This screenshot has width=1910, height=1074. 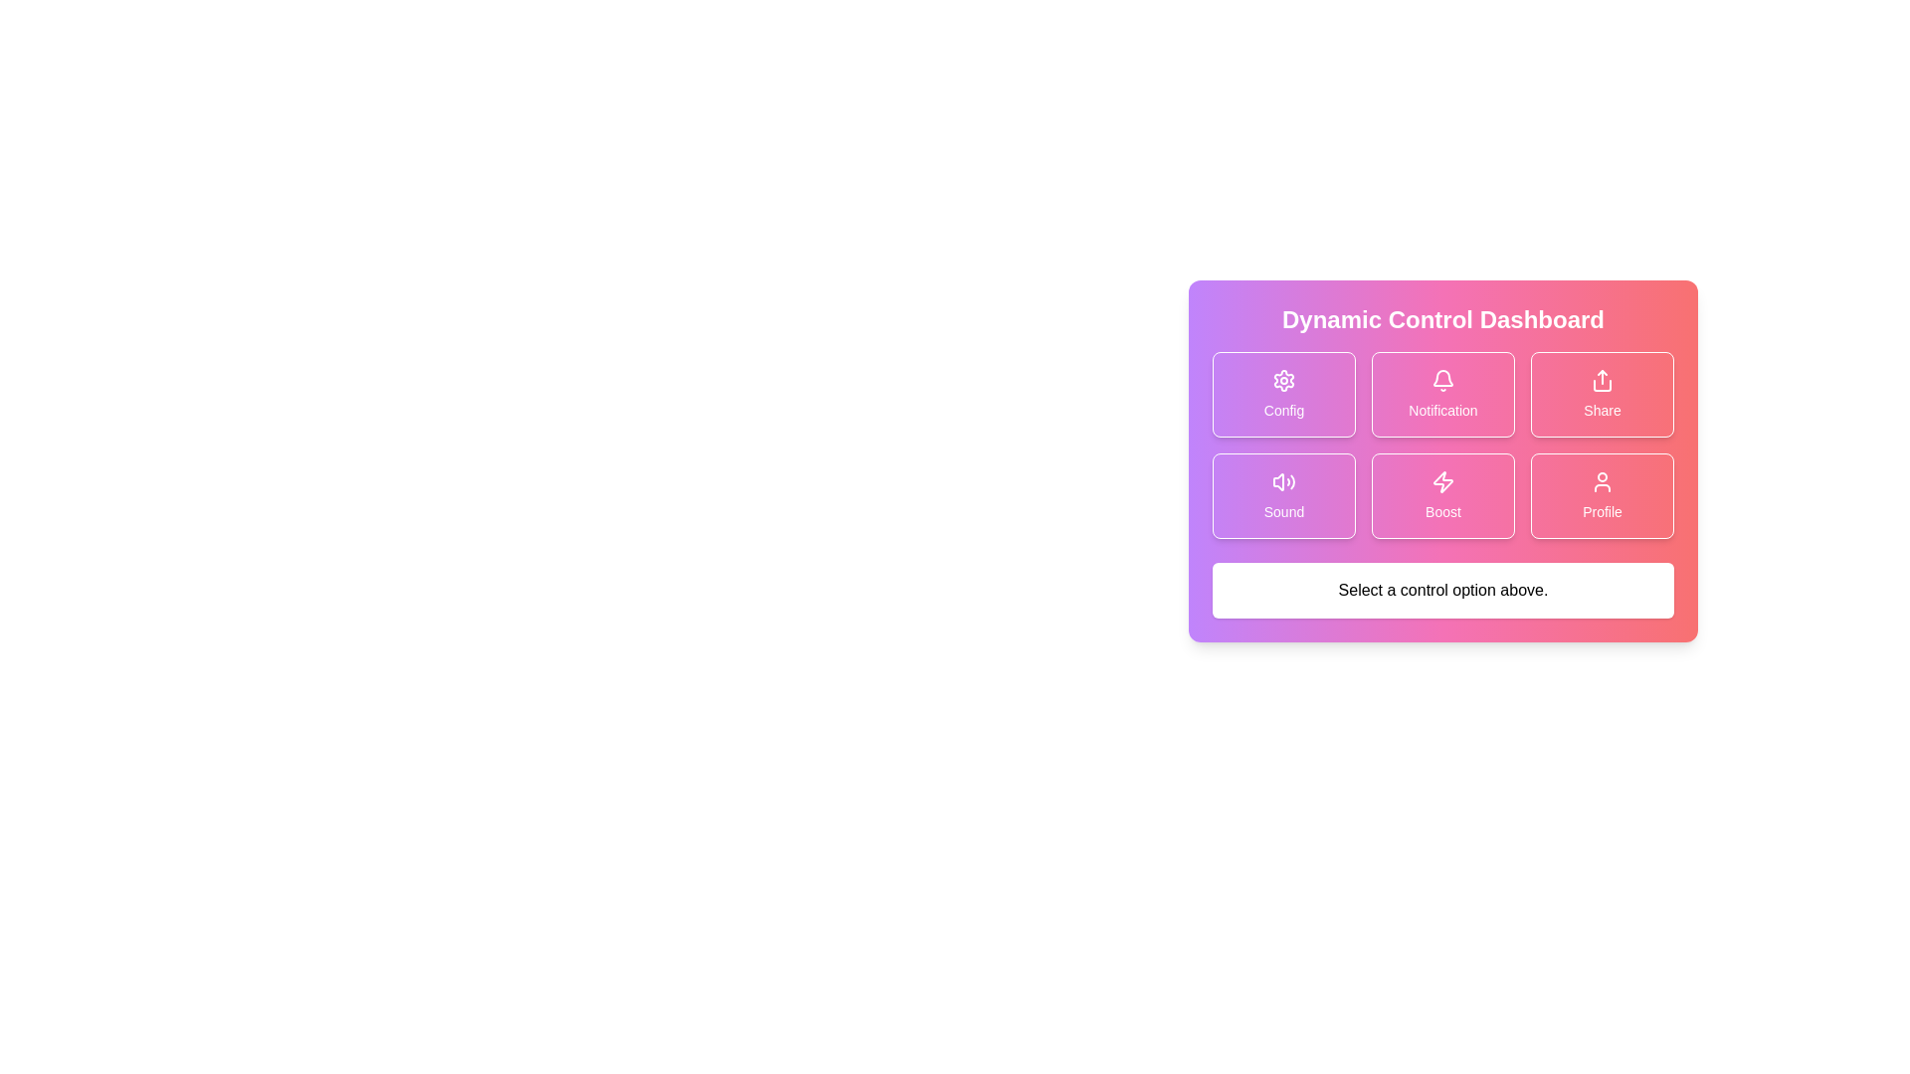 I want to click on the gear-shaped icon representing configuration settings, located at the top-left corner of the options grid, so click(x=1284, y=380).